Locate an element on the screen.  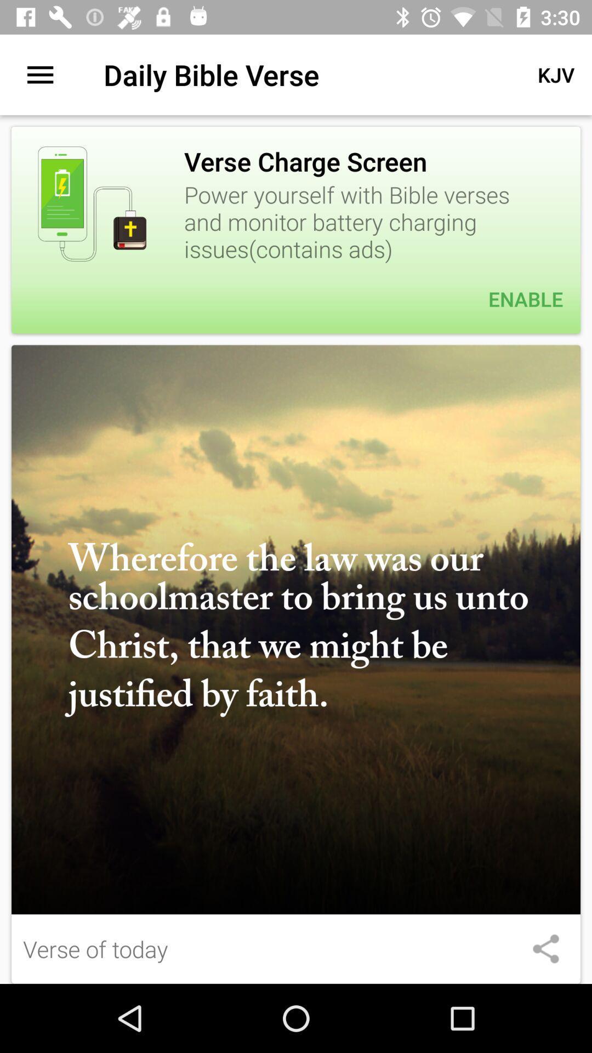
the enable icon is located at coordinates (296, 299).